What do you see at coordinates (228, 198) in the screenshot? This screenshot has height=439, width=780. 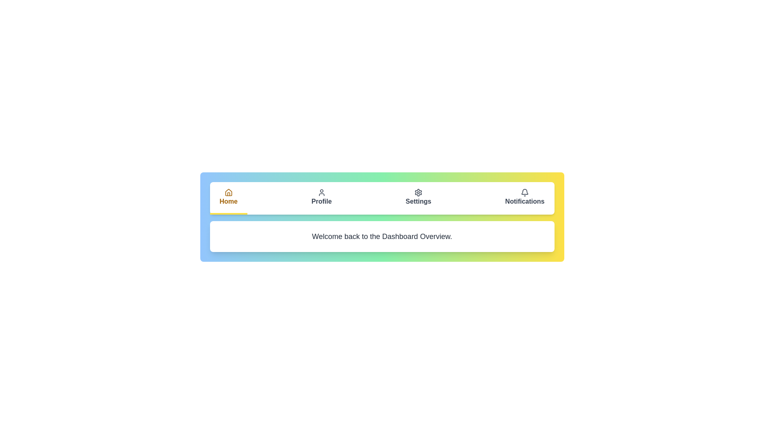 I see `the homepage navigation button located on the far left of the horizontal navigation bar to change its color and indicate interactivity` at bounding box center [228, 198].